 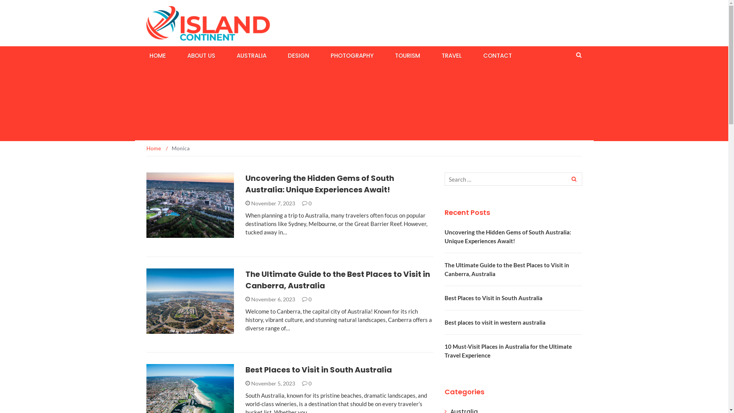 I want to click on 'TRAVEL', so click(x=451, y=55).